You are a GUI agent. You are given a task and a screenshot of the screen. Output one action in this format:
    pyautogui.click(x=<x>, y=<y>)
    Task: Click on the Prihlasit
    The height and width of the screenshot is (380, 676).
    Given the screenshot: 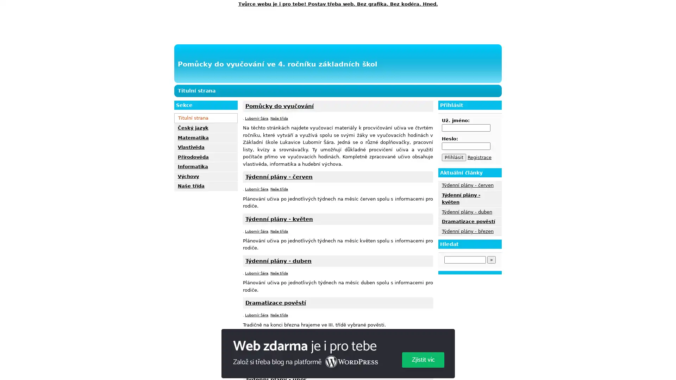 What is the action you would take?
    pyautogui.click(x=454, y=157)
    